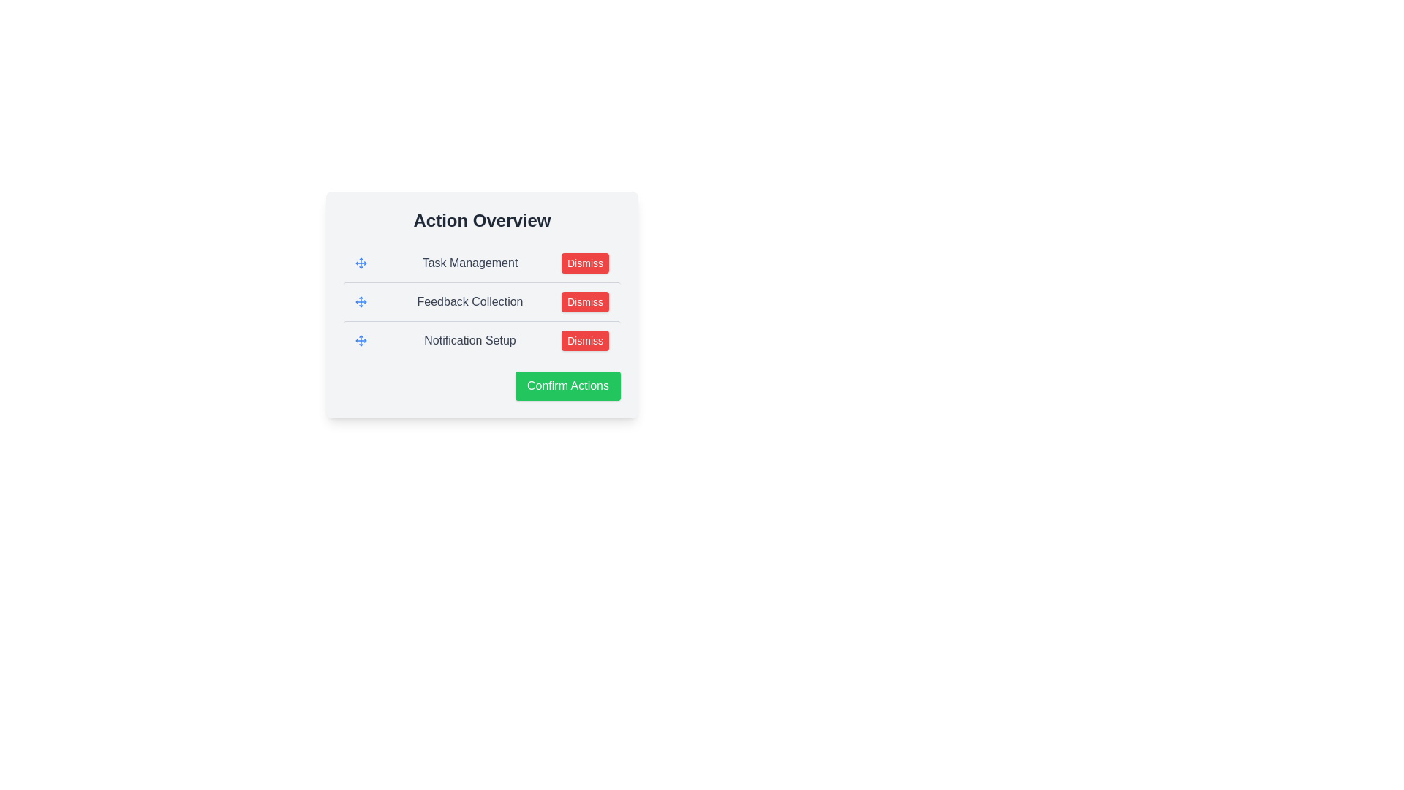  What do you see at coordinates (585, 301) in the screenshot?
I see `the dismiss button located in the third row of the "Action Overview" panel, aligned to the right of the "Feedback Collection" label` at bounding box center [585, 301].